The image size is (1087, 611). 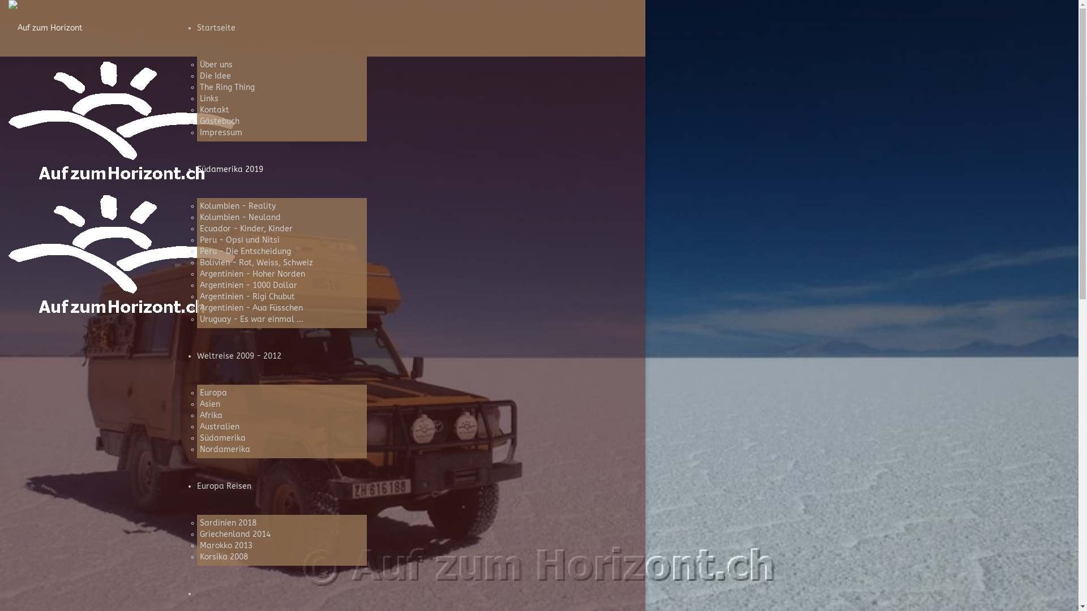 I want to click on 'Argentinien - Rigi Chubut', so click(x=246, y=296).